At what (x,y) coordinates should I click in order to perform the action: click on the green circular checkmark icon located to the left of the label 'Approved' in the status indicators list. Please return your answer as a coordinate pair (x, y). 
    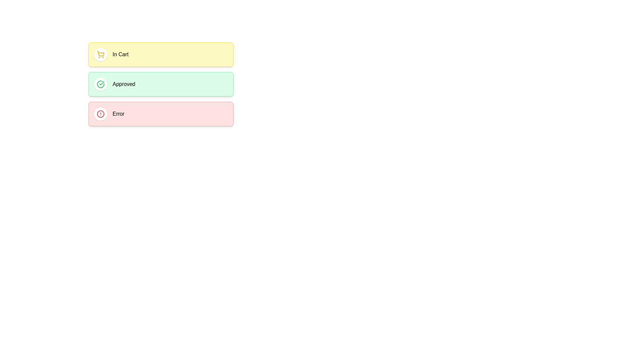
    Looking at the image, I should click on (100, 84).